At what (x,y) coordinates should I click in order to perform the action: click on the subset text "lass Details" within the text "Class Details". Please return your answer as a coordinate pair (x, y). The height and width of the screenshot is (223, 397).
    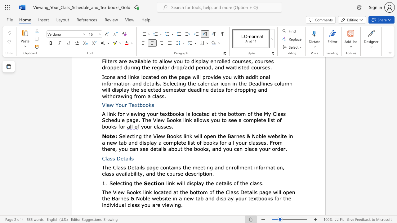
    Looking at the image, I should click on (105, 158).